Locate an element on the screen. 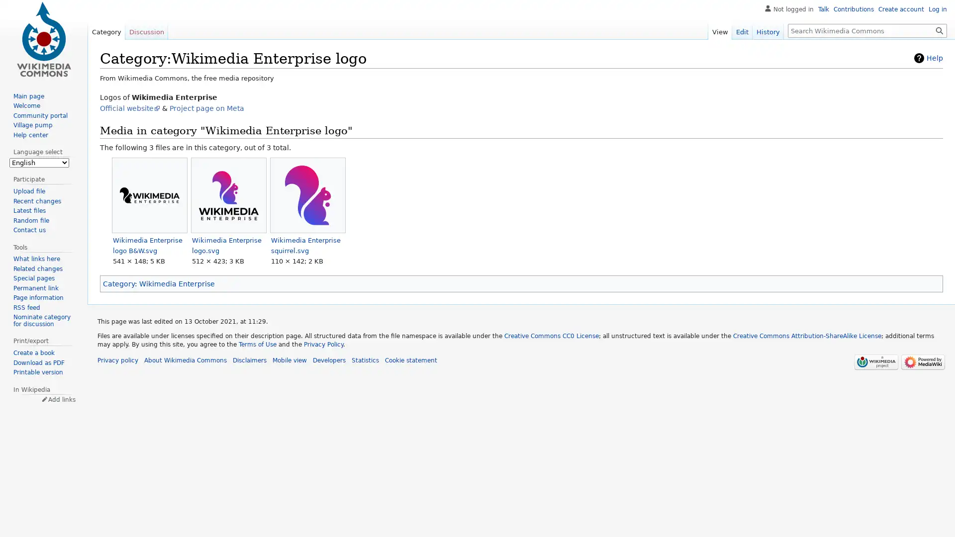  Advanced... is located at coordinates (899, 57).